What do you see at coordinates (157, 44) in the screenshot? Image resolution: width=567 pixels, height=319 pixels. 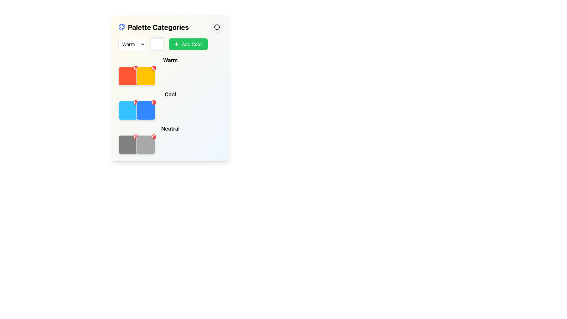 I see `the Color selector element located between the 'Warm' dropdown and the 'Add Color' green button` at bounding box center [157, 44].